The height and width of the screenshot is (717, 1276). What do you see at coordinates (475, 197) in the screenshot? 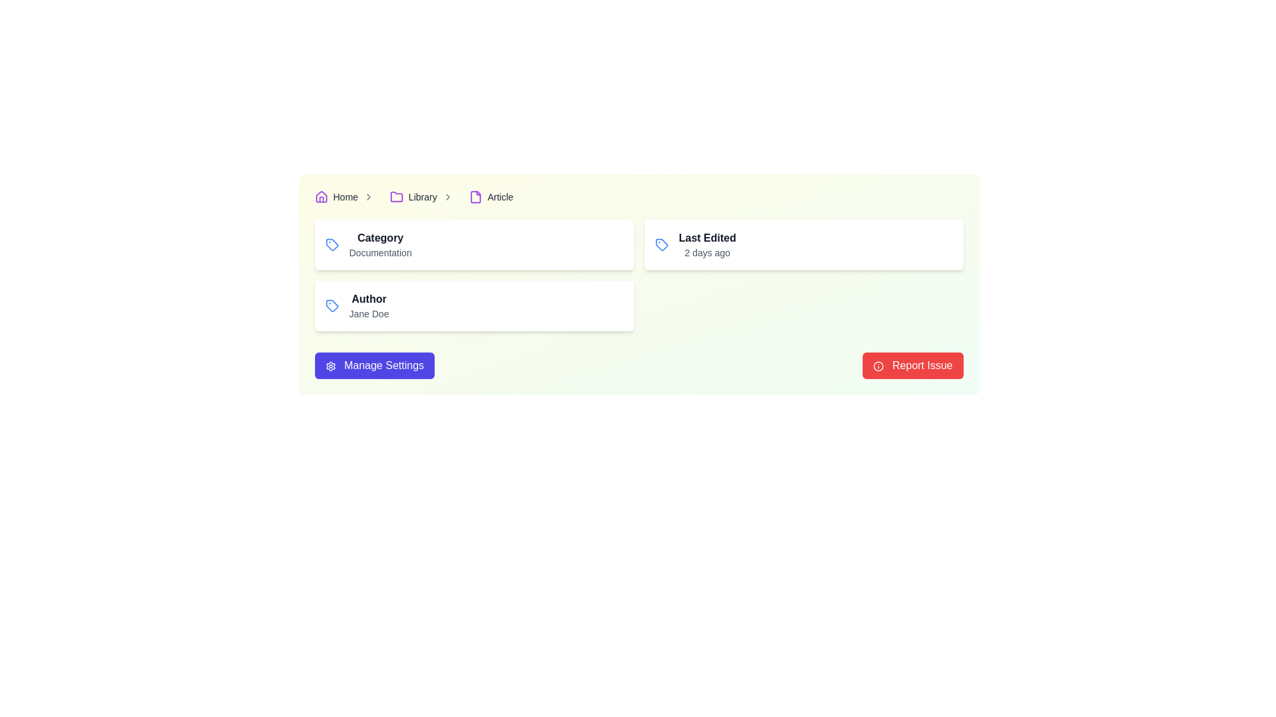
I see `the purple folder icon in the breadcrumb navigation bar, located adjacent to the 'Article' text` at bounding box center [475, 197].